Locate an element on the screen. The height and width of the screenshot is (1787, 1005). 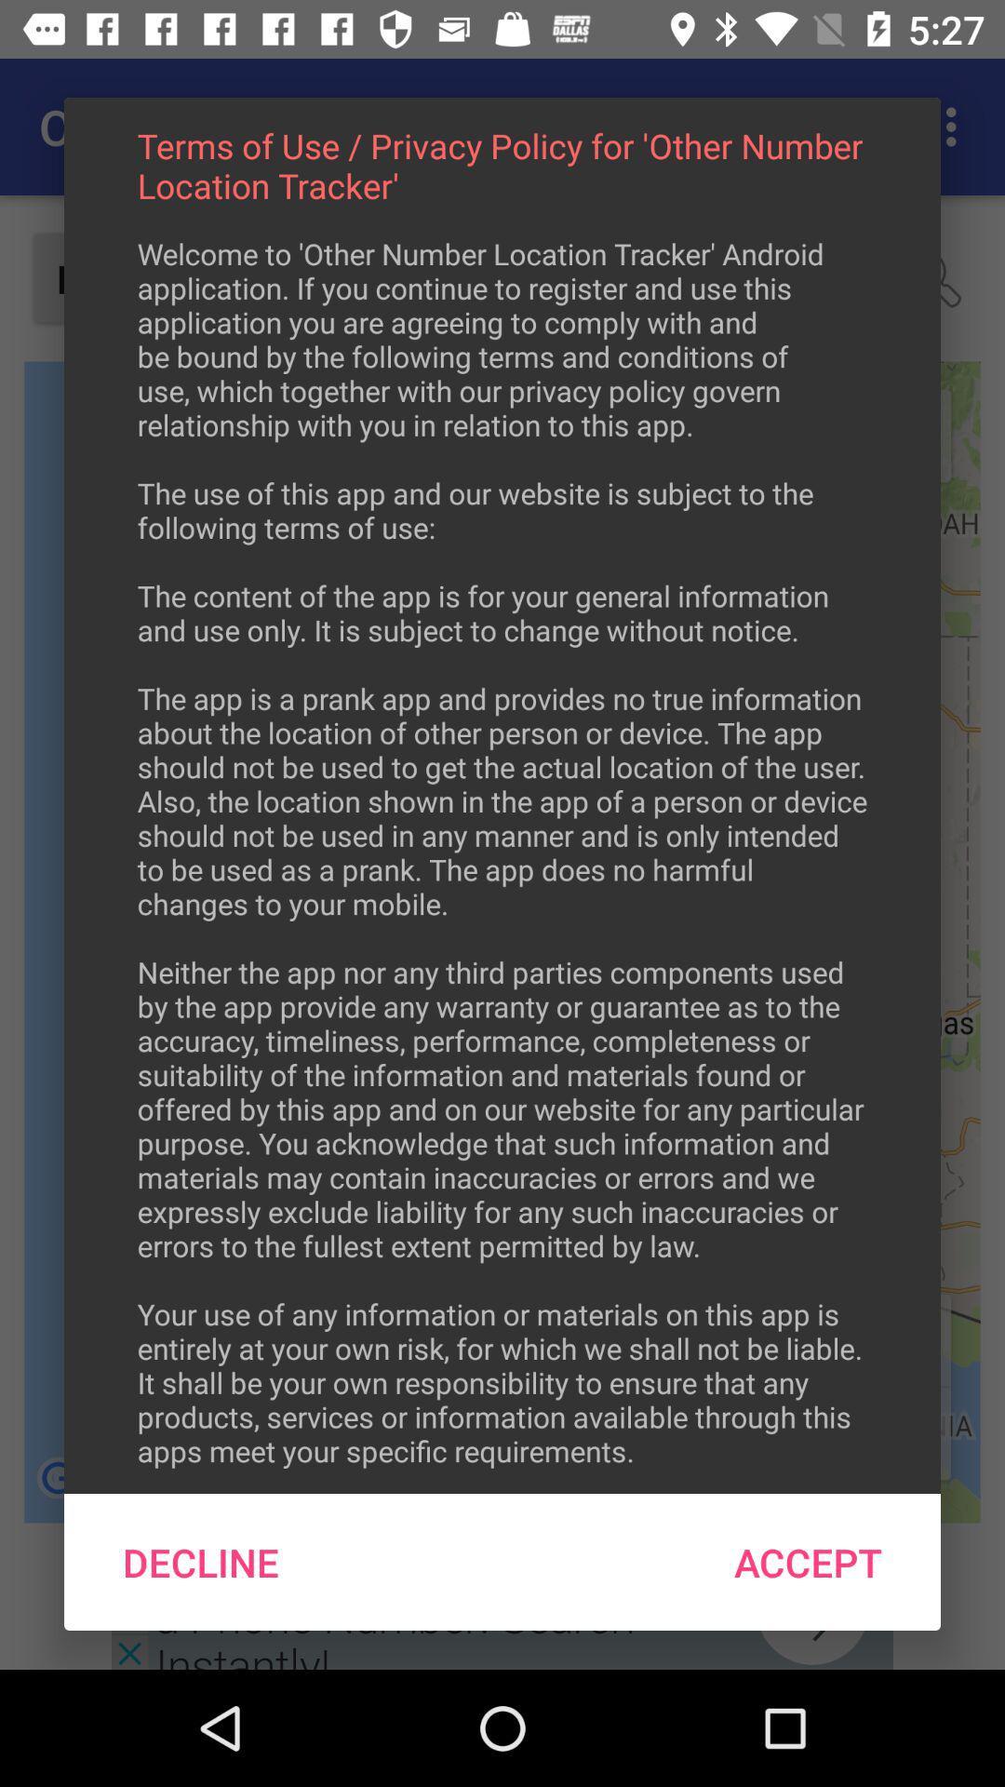
the accept icon is located at coordinates (807, 1562).